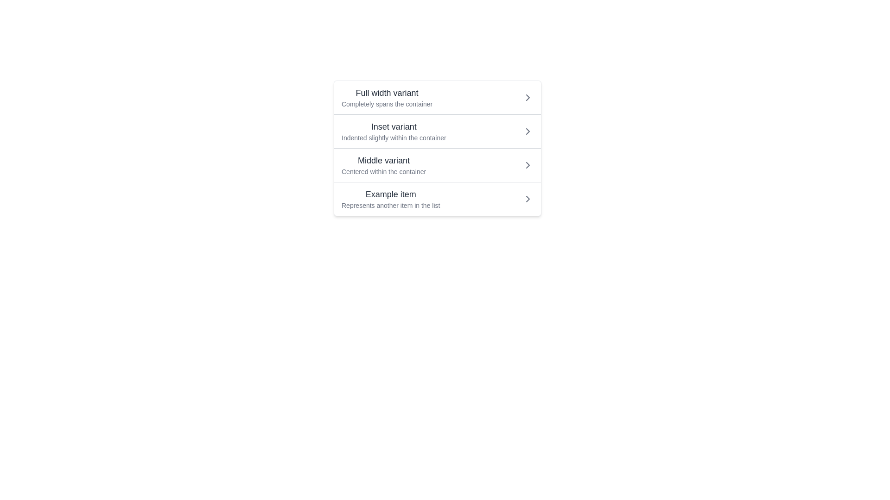 This screenshot has height=500, width=890. I want to click on the right-facing chevron icon with a gray color and thin stroke, located at the far-right end of the 'Full width variant' list entry, so click(528, 98).